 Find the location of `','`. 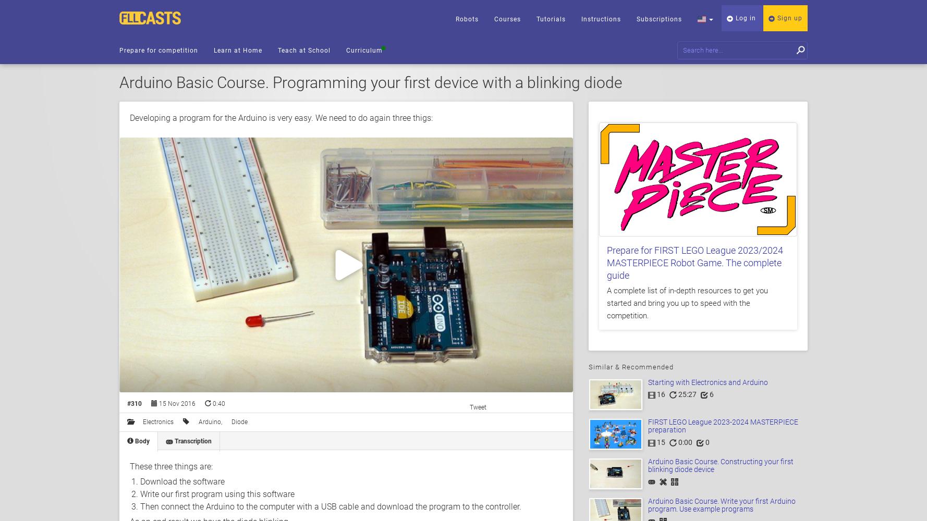

',' is located at coordinates (222, 422).